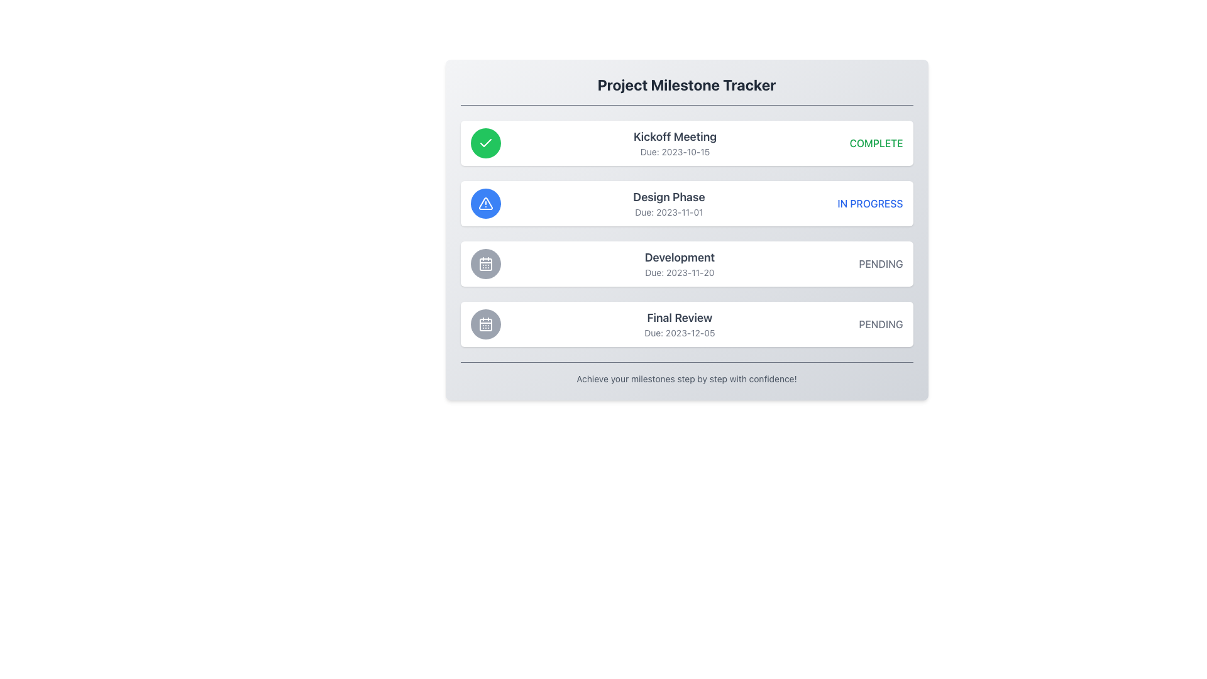 The width and height of the screenshot is (1207, 679). Describe the element at coordinates (679, 263) in the screenshot. I see `text information from the text block displaying 'Development' and 'Due: 2023-11-20' in the third card of the milestone stack, located between 'Design Phase' and 'Final Review'` at that location.